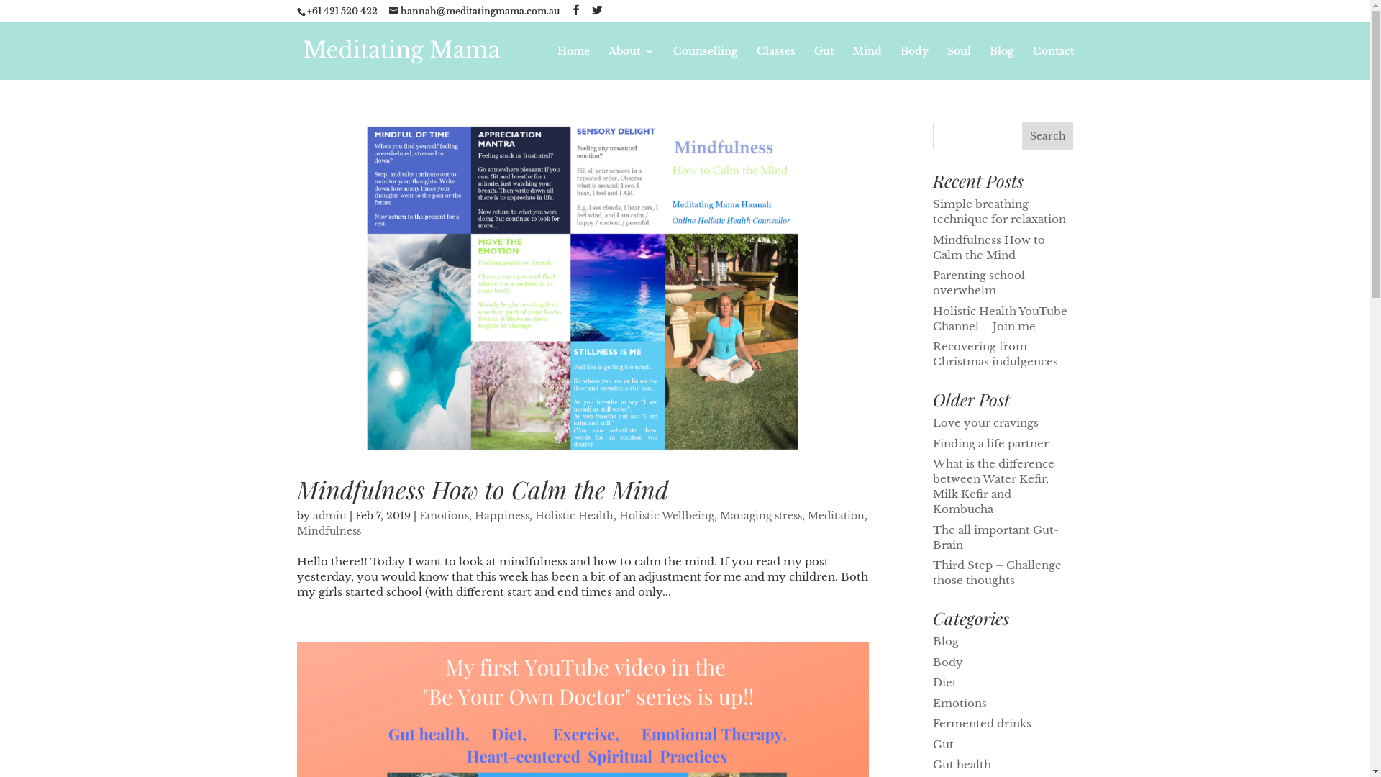  What do you see at coordinates (1031, 62) in the screenshot?
I see `'Contact'` at bounding box center [1031, 62].